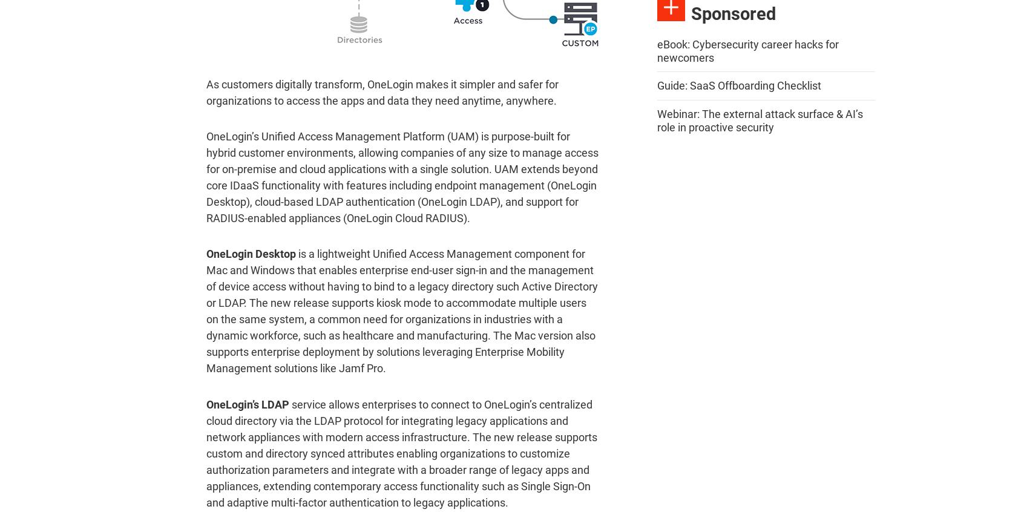  I want to click on 'OneLogin Desktop', so click(251, 254).